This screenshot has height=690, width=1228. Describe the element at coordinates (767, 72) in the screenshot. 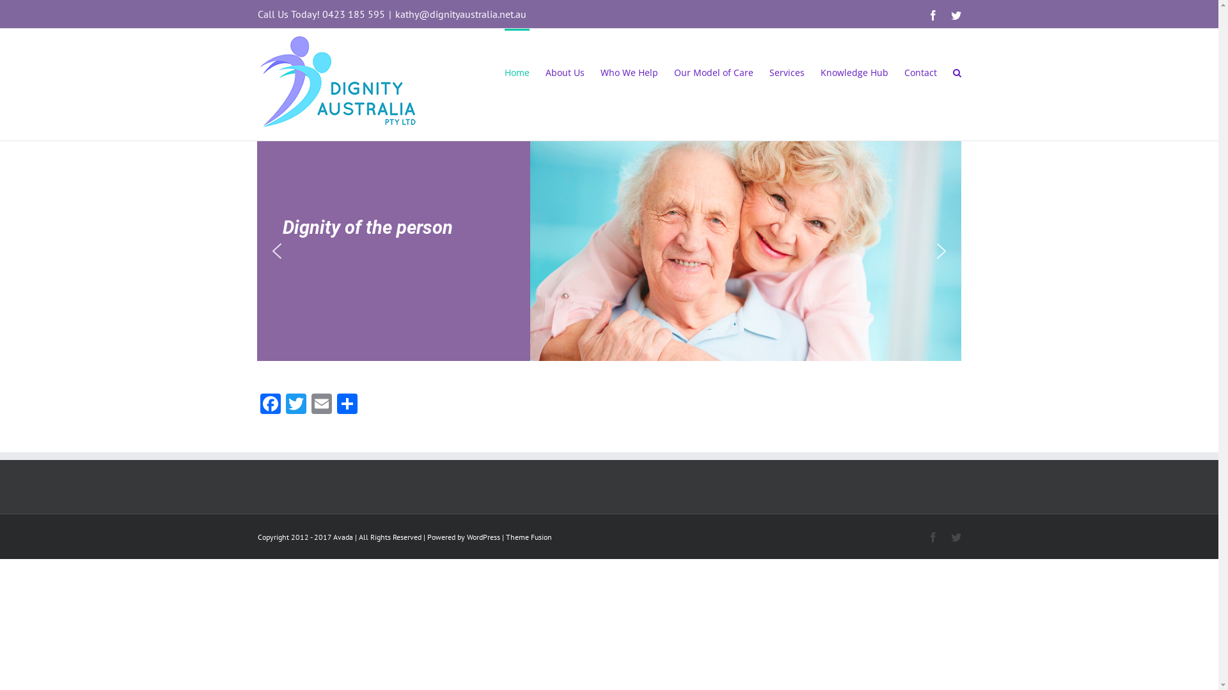

I see `'Services'` at that location.